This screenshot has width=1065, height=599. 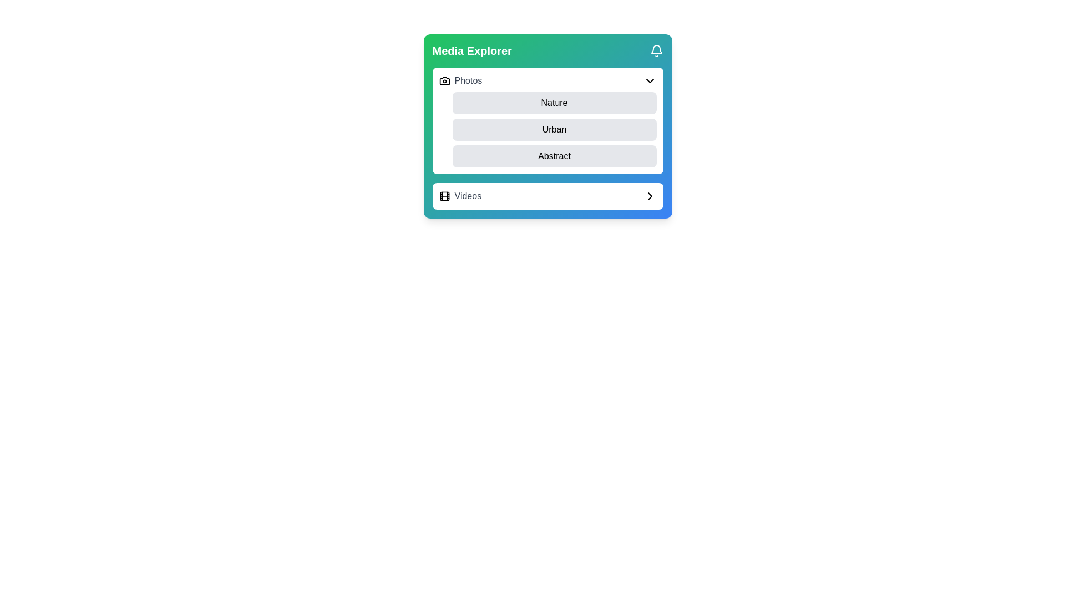 I want to click on the Chevron dropdown toggle icon located on the far-right side of the 'Photos' section header in the 'Media Explorer' panel, so click(x=650, y=80).